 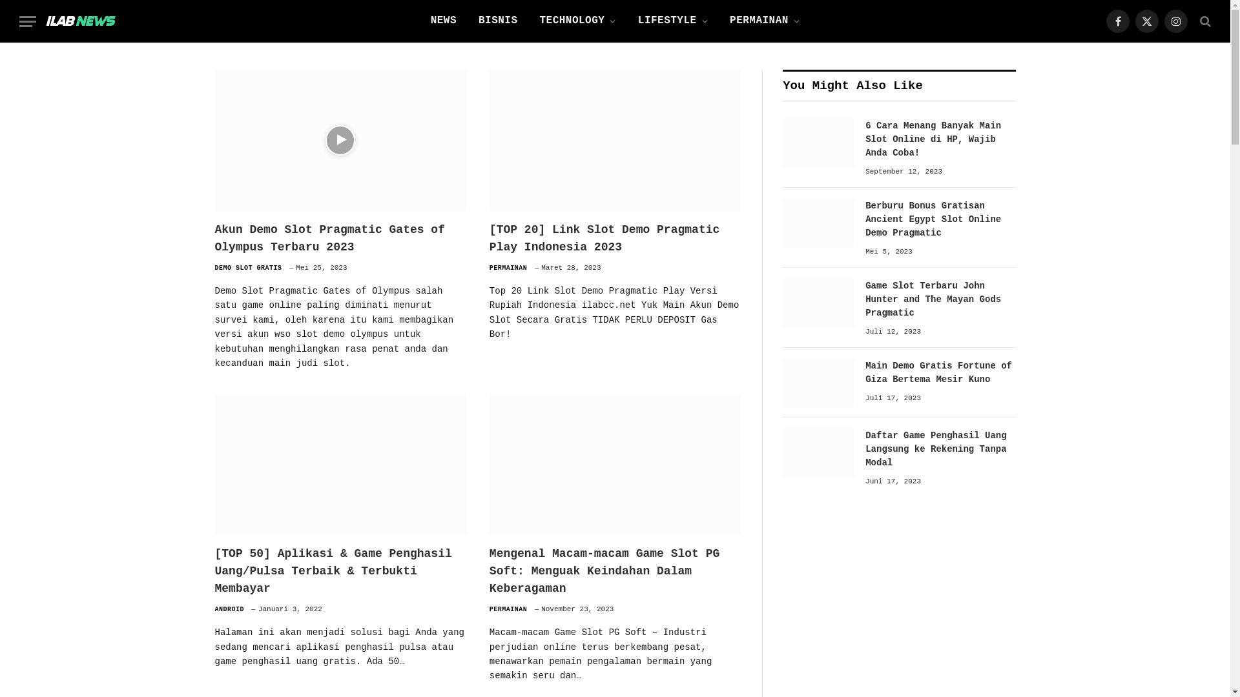 What do you see at coordinates (79, 21) in the screenshot?
I see `'iLab.cc'` at bounding box center [79, 21].